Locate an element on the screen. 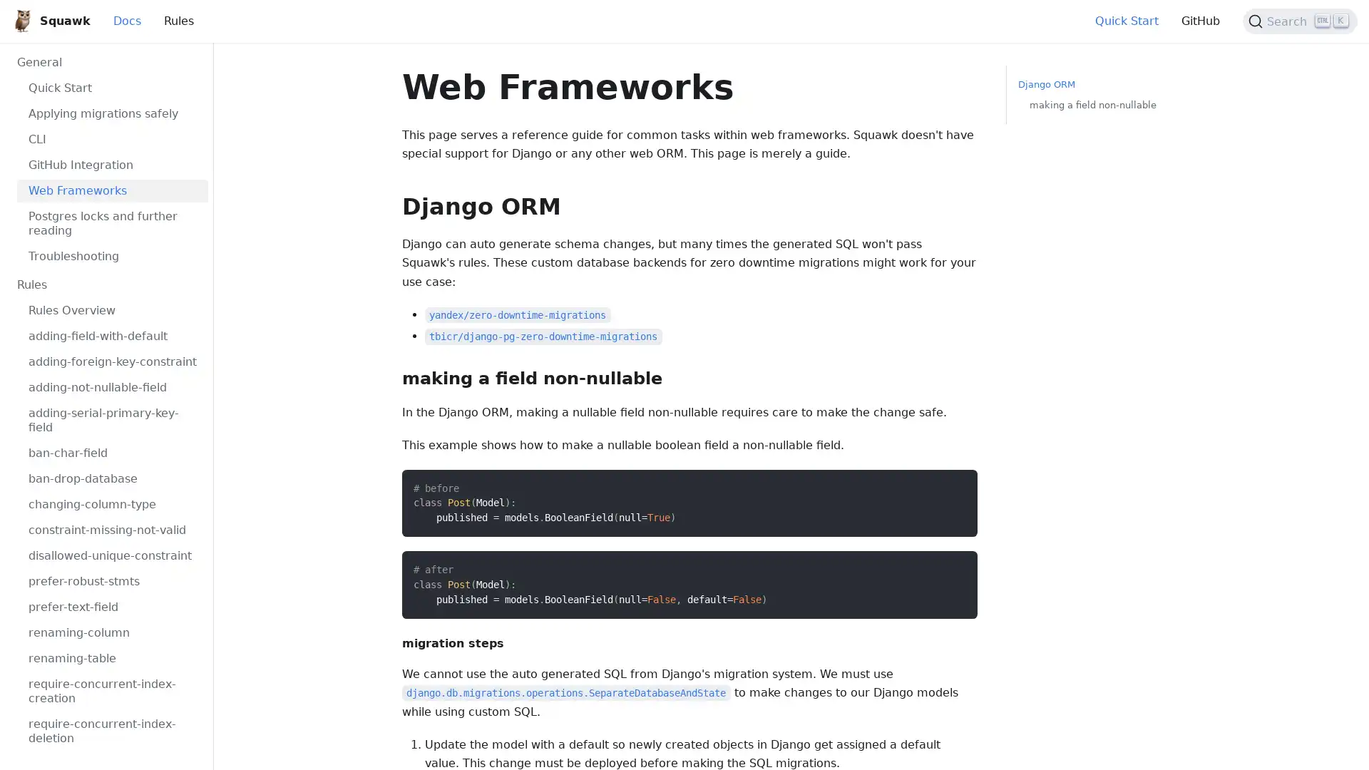  Search is located at coordinates (1300, 21).